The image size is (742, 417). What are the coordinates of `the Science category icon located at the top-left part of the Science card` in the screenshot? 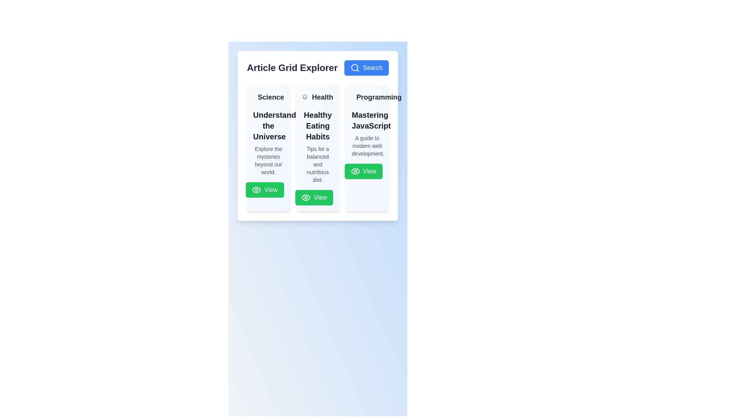 It's located at (258, 95).